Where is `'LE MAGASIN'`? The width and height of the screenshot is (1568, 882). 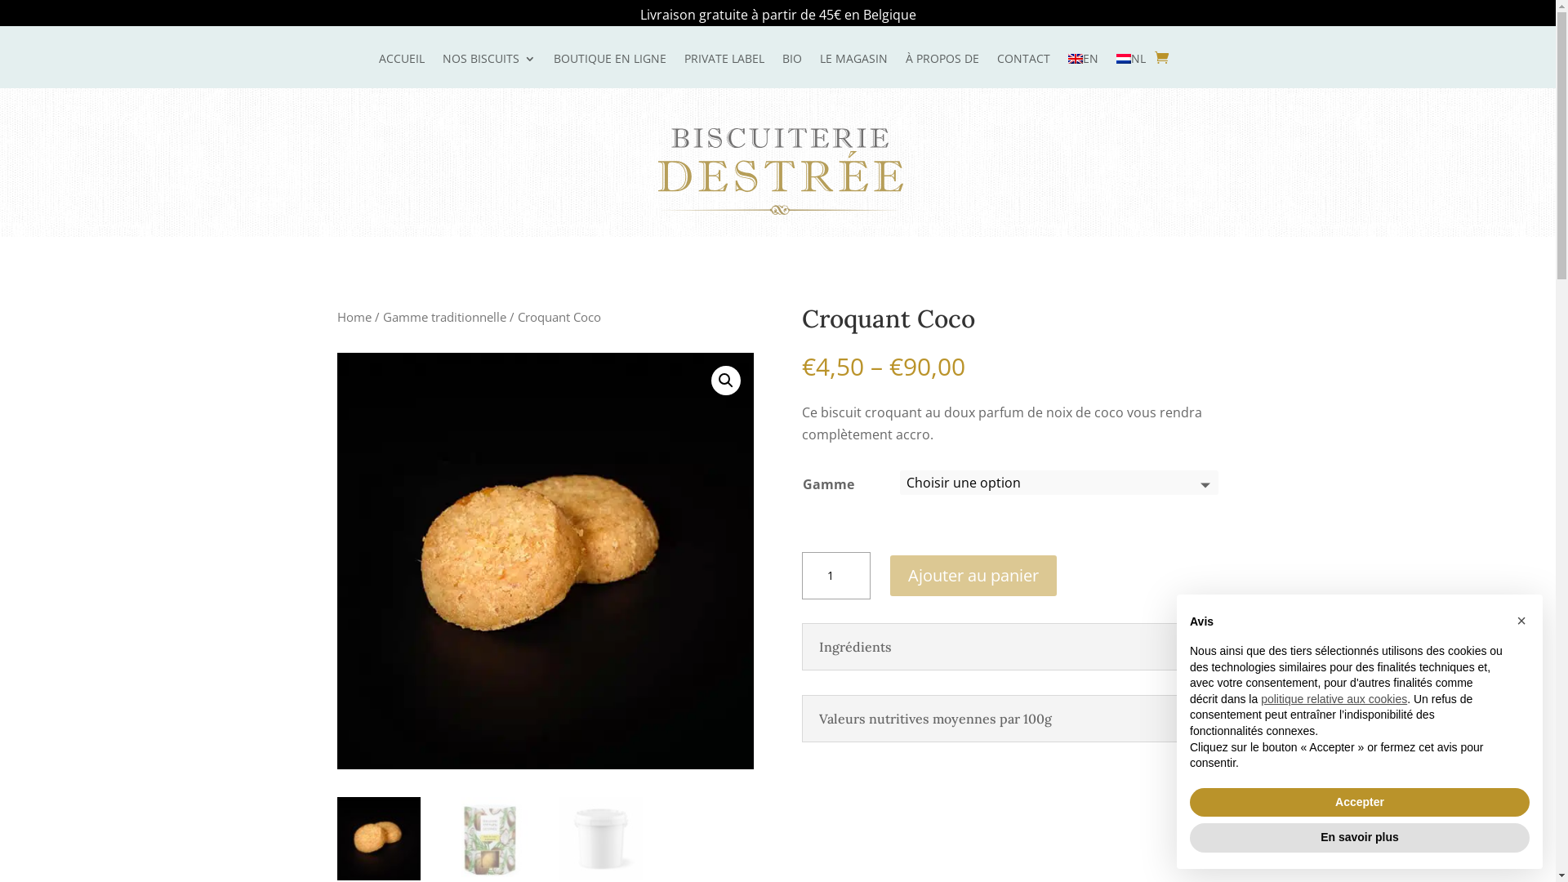 'LE MAGASIN' is located at coordinates (853, 69).